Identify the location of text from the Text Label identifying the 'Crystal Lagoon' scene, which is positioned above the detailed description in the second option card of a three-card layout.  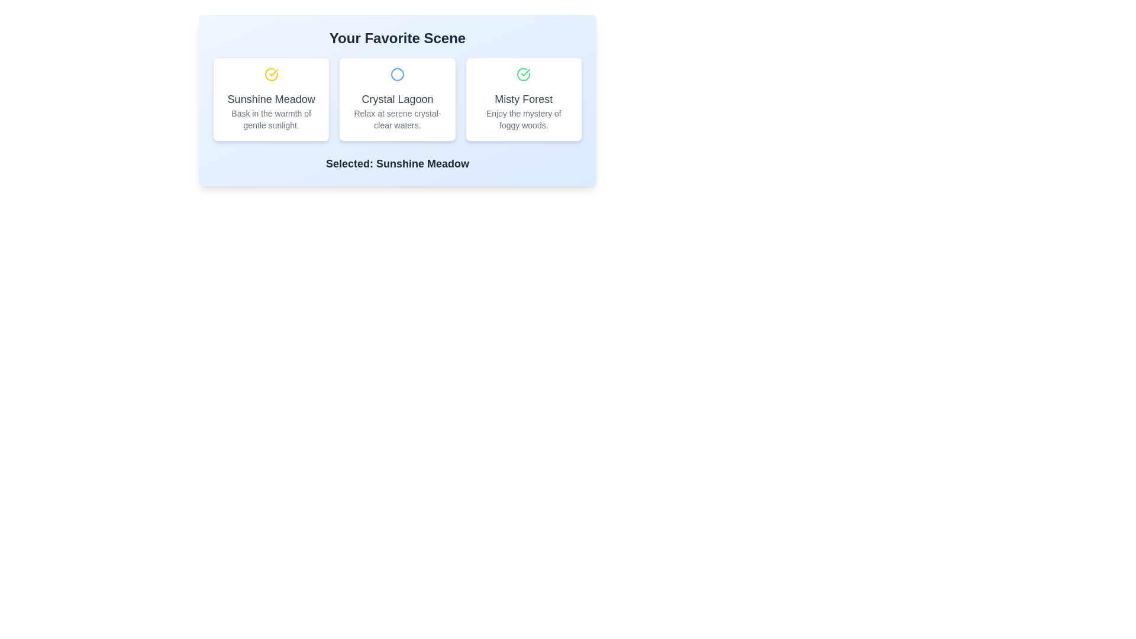
(398, 99).